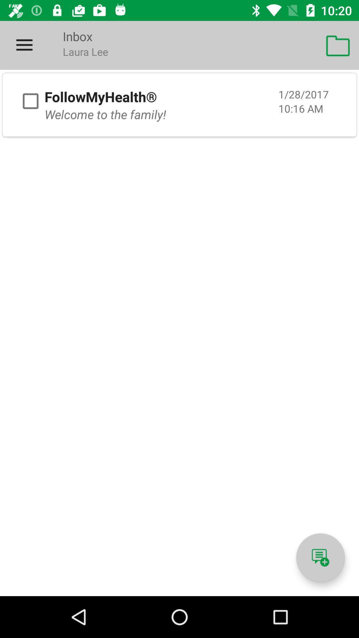 The height and width of the screenshot is (638, 359). What do you see at coordinates (24, 45) in the screenshot?
I see `icon next to inbox` at bounding box center [24, 45].